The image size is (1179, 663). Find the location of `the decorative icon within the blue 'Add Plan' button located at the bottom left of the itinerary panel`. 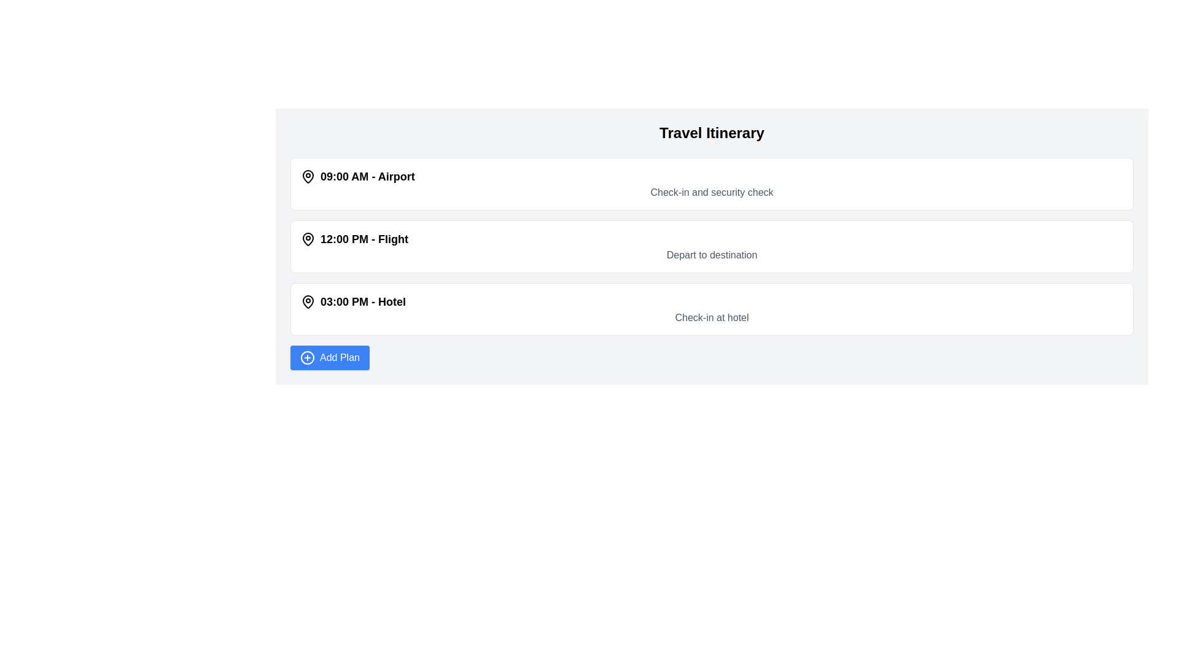

the decorative icon within the blue 'Add Plan' button located at the bottom left of the itinerary panel is located at coordinates (307, 357).